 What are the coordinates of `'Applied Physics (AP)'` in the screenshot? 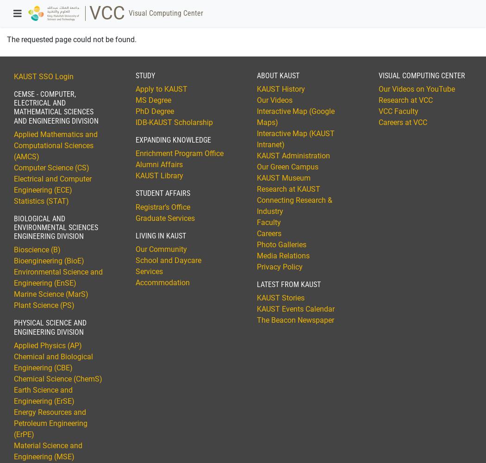 It's located at (48, 344).